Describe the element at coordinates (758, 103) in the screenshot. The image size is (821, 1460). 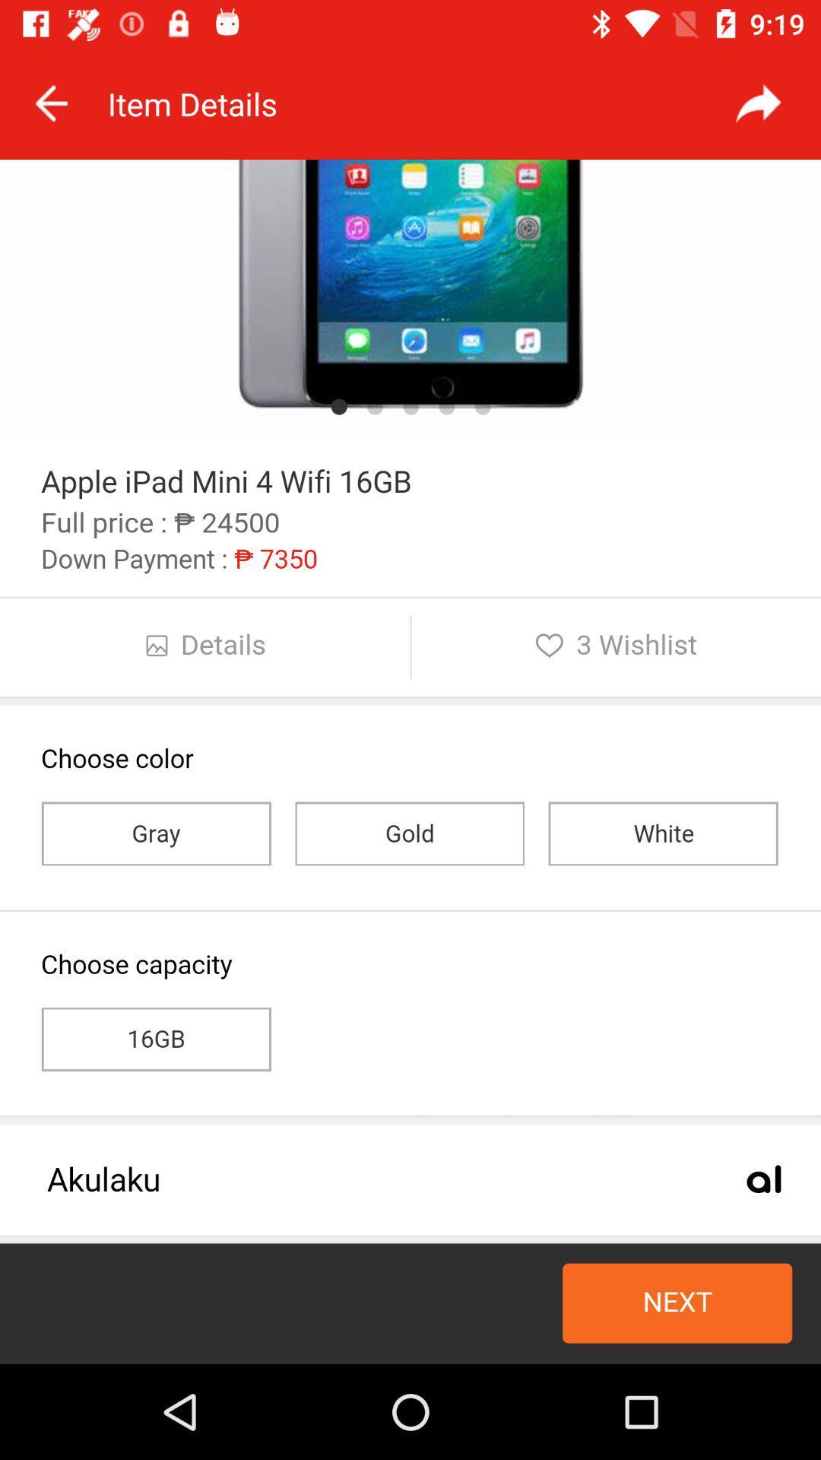
I see `share the product details` at that location.